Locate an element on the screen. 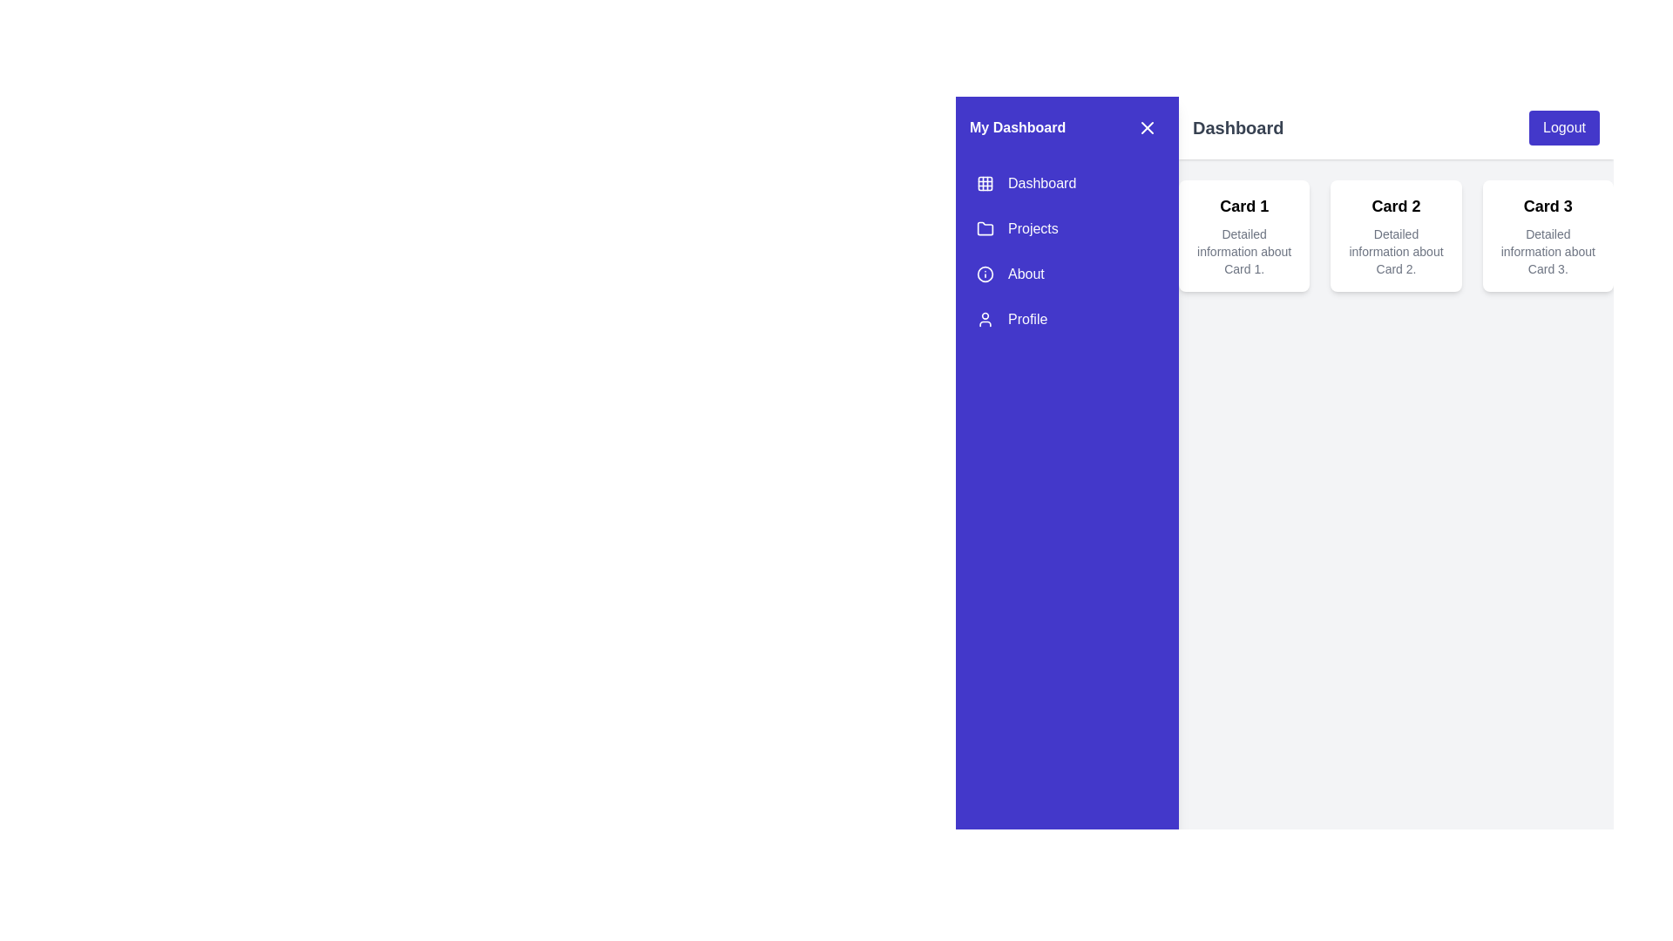 This screenshot has width=1673, height=941. the 'About' text label in the sidebar is located at coordinates (1026, 274).